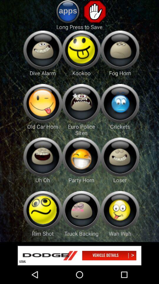 The width and height of the screenshot is (159, 284). I want to click on open face, so click(42, 156).